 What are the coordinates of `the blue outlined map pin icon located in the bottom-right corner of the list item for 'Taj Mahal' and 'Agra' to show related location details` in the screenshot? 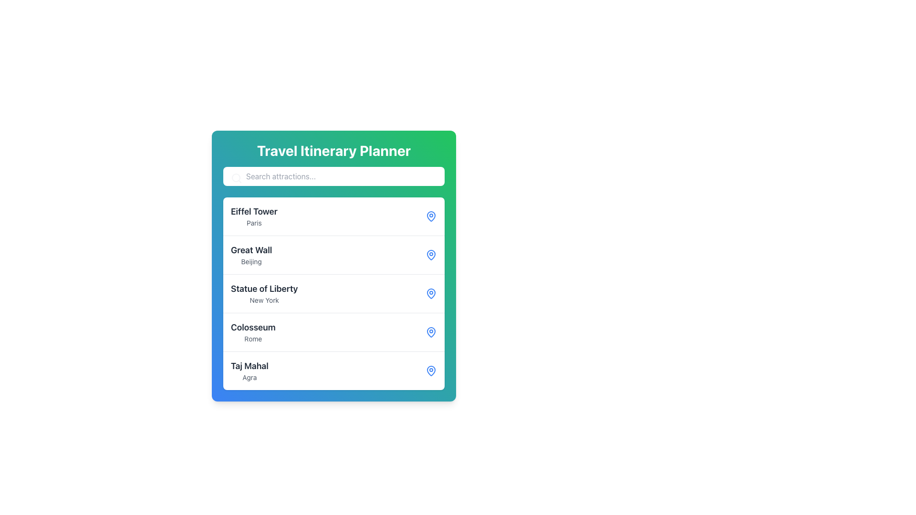 It's located at (430, 371).